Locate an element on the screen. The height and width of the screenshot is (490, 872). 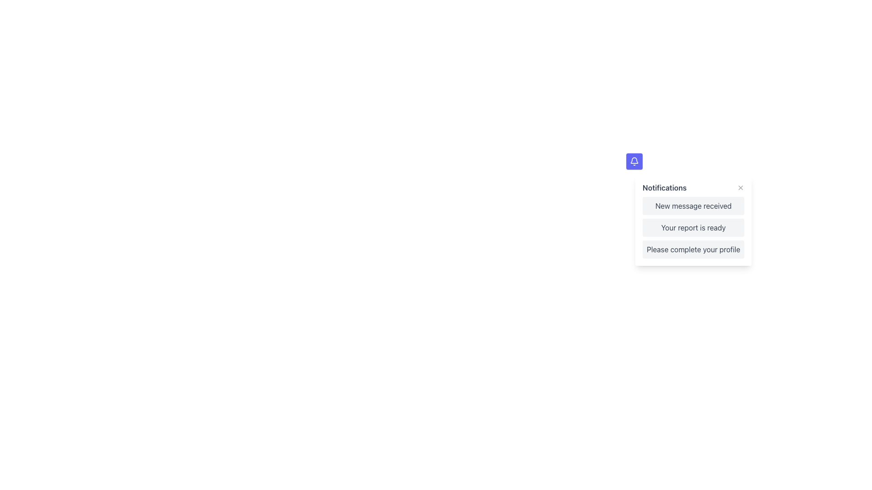
the bell icon button, which is styled with a rounded outline and a linear design is located at coordinates (634, 161).